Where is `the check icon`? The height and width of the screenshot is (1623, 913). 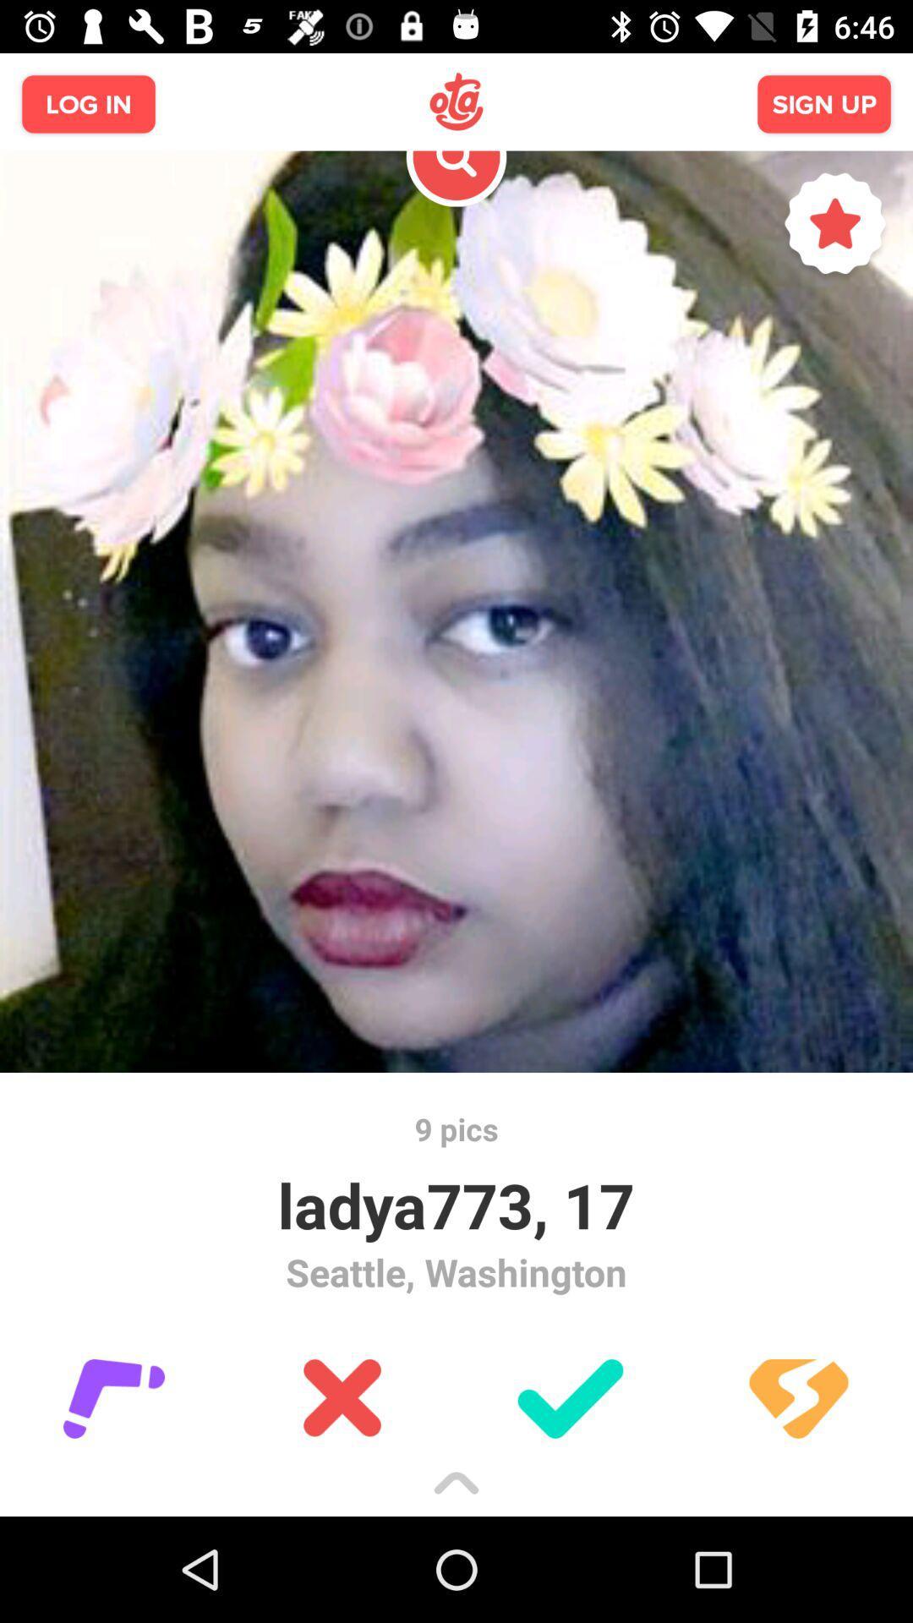
the check icon is located at coordinates (571, 1398).